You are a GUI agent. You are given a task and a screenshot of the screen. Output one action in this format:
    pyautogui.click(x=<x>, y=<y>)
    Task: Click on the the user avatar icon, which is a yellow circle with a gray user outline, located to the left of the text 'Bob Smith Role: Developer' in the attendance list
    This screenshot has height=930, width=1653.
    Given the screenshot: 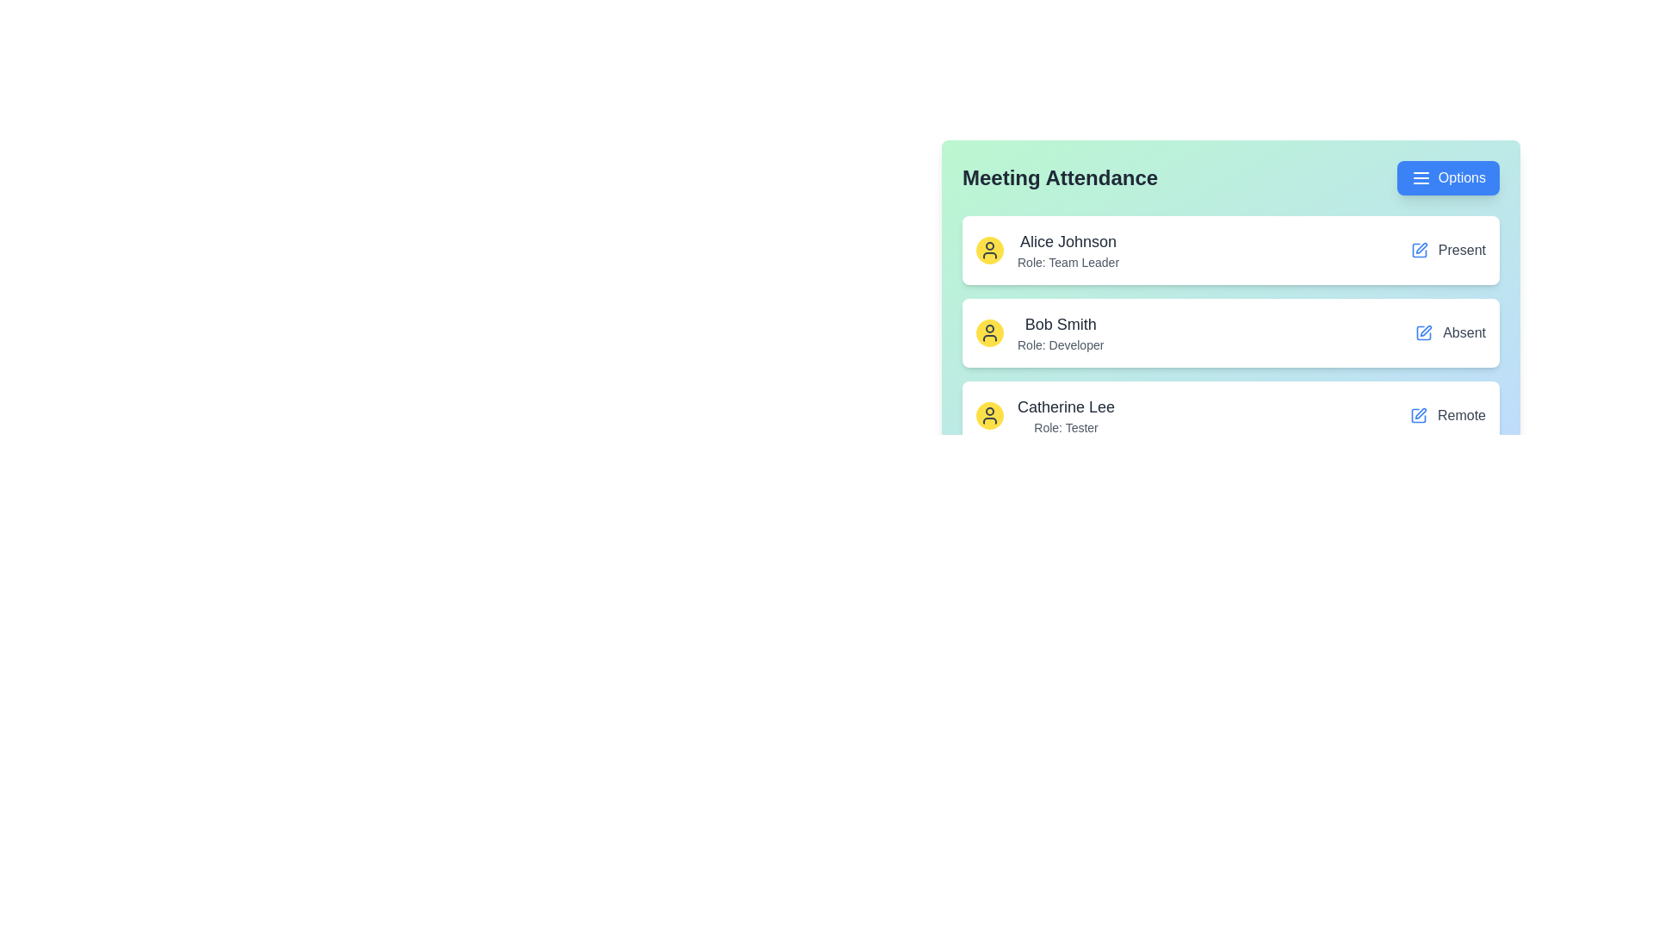 What is the action you would take?
    pyautogui.click(x=990, y=332)
    